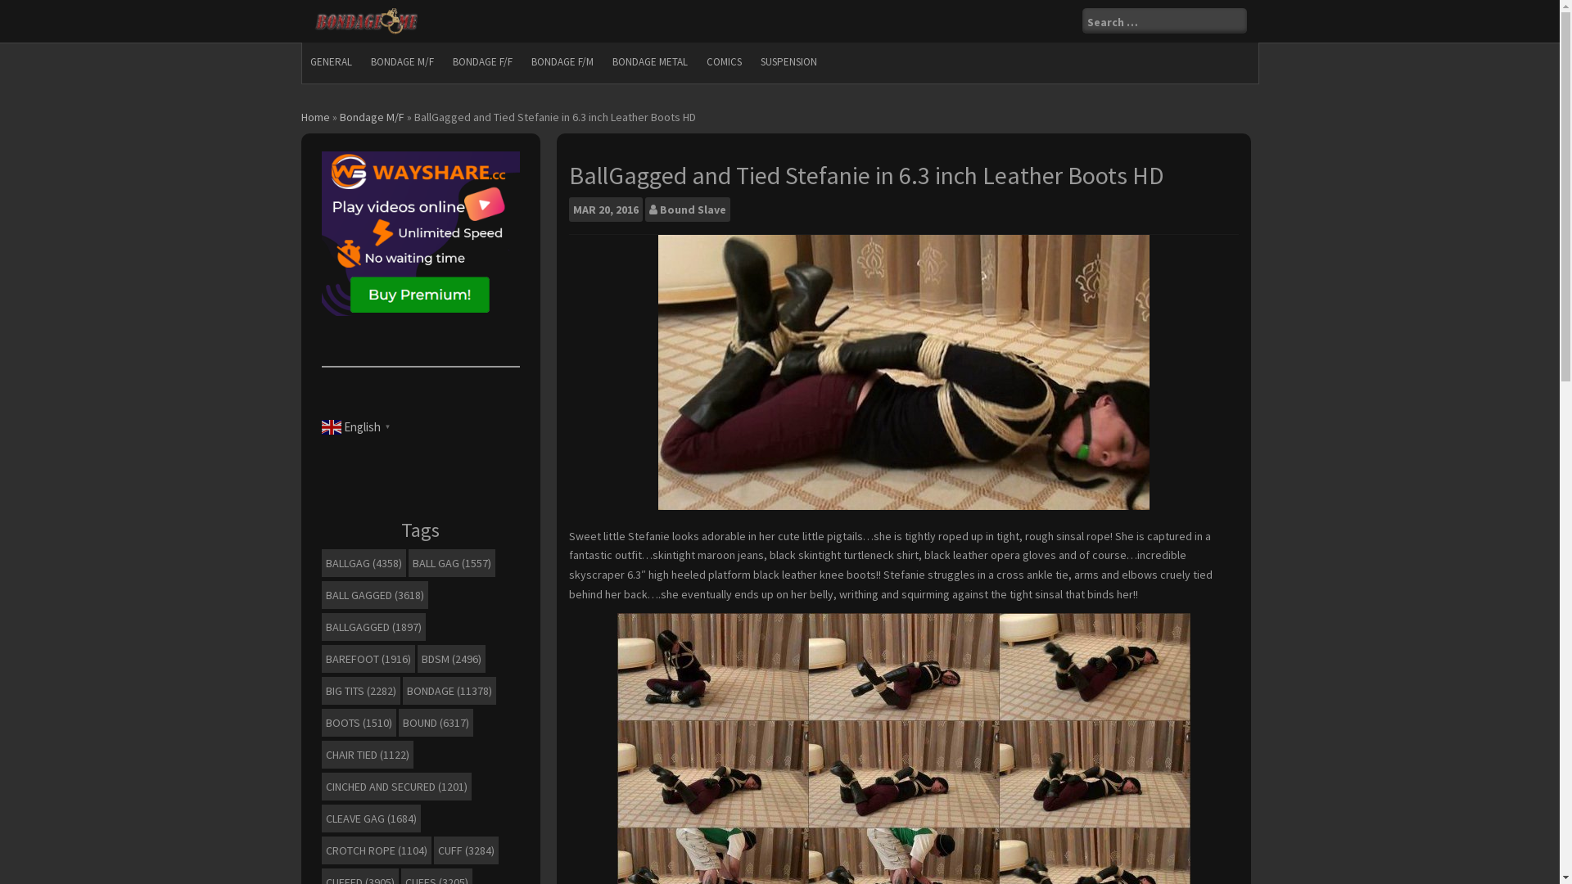 The image size is (1572, 884). I want to click on 'BOOTS (1510)', so click(357, 722).